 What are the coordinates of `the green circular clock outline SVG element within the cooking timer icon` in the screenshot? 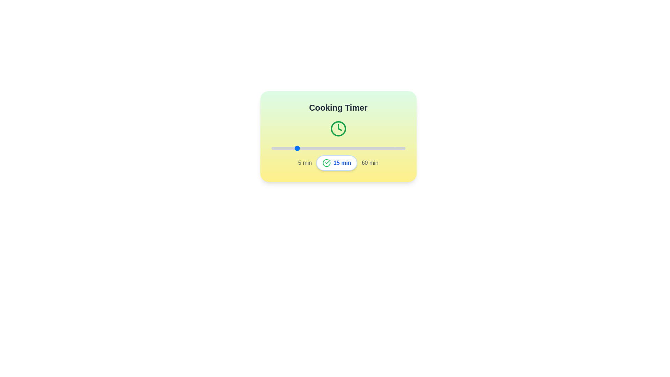 It's located at (338, 129).